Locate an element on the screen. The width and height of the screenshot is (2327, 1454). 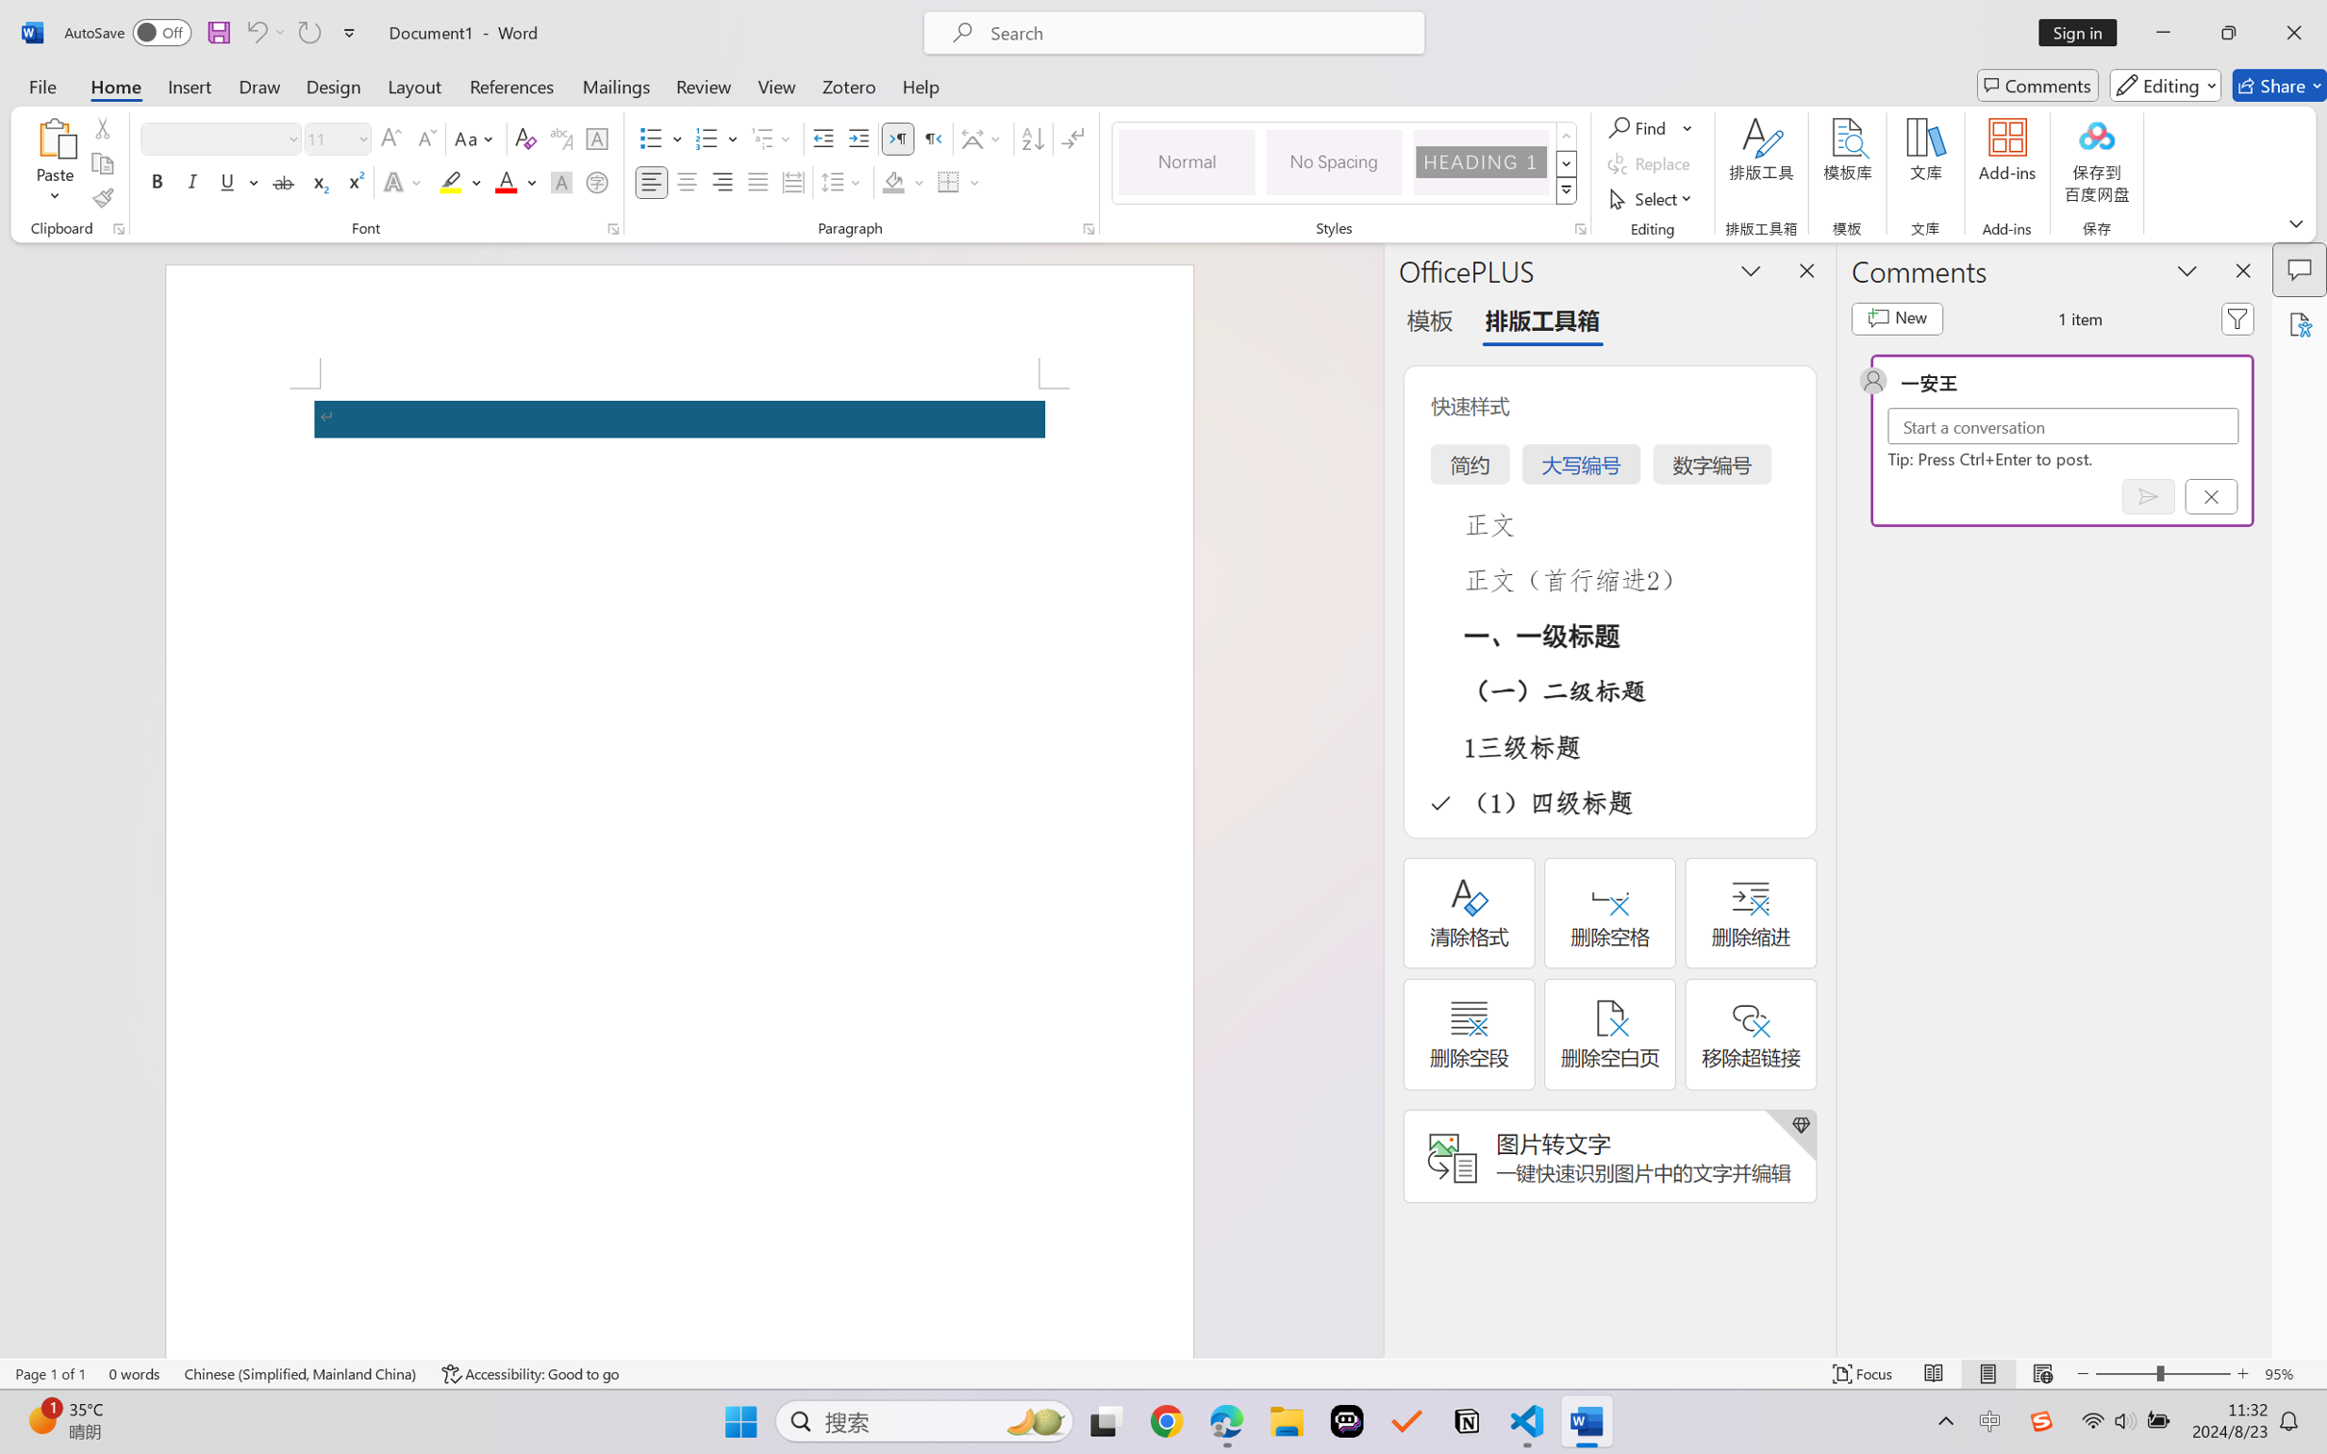
'Right-to-Left' is located at coordinates (932, 138).